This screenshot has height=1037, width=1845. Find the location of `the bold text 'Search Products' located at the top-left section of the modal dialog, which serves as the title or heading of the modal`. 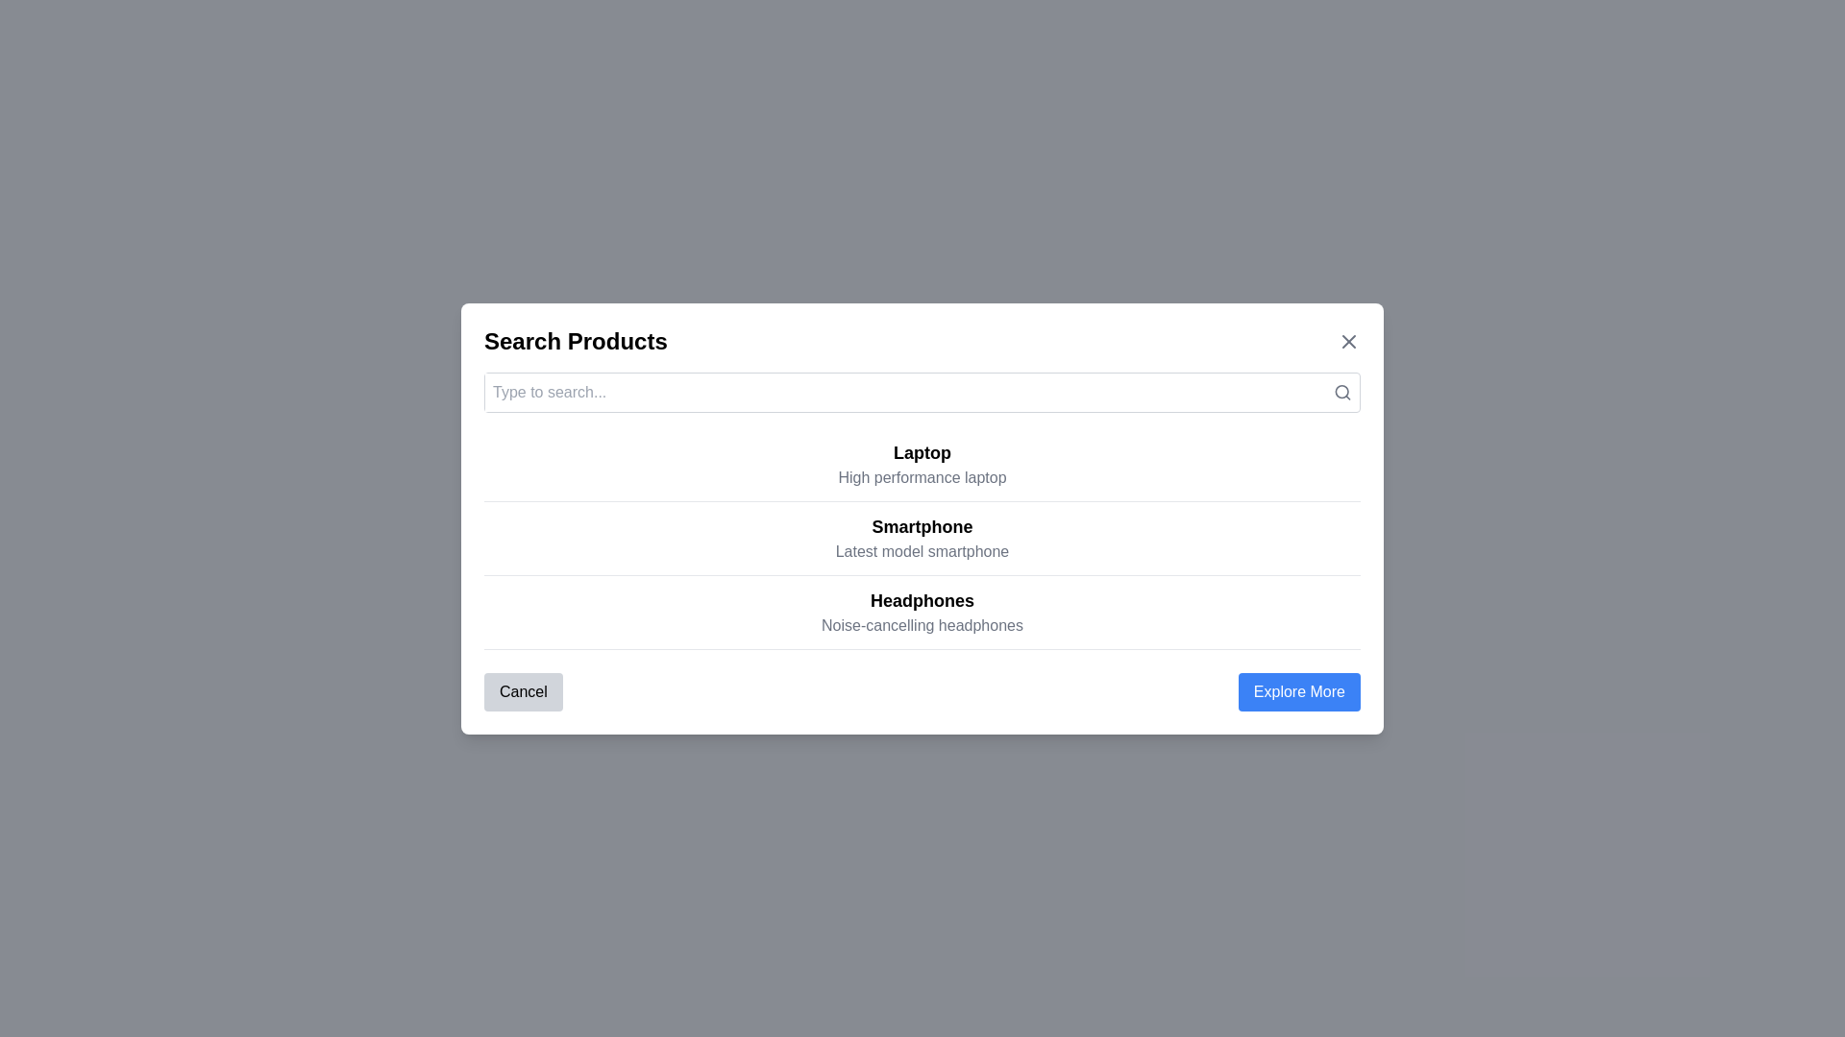

the bold text 'Search Products' located at the top-left section of the modal dialog, which serves as the title or heading of the modal is located at coordinates (575, 340).